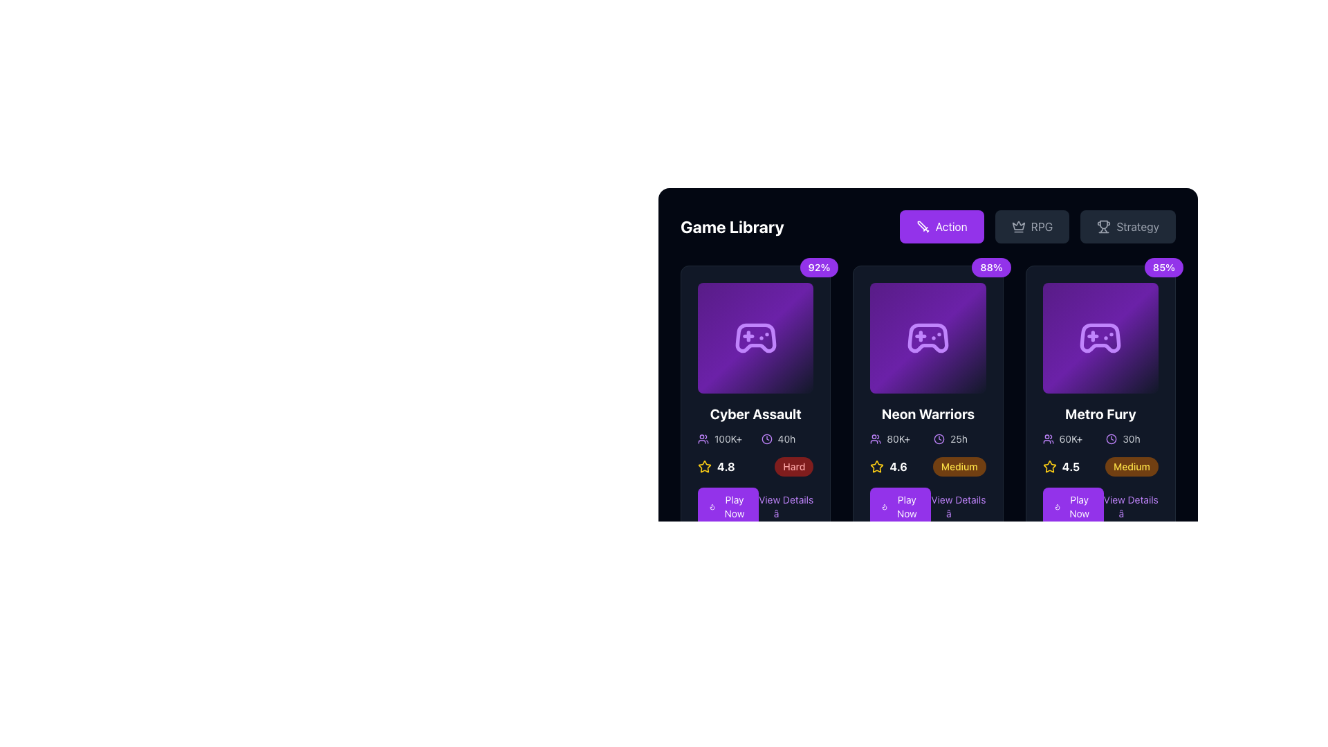 The width and height of the screenshot is (1328, 747). What do you see at coordinates (939, 439) in the screenshot?
I see `the gameplay duration icon representing 25 hours, located in the middle part of the 'Neon Warriors' card, positioned to the right of the player count icon ('80K+') and slightly to the left of the text '25h'` at bounding box center [939, 439].